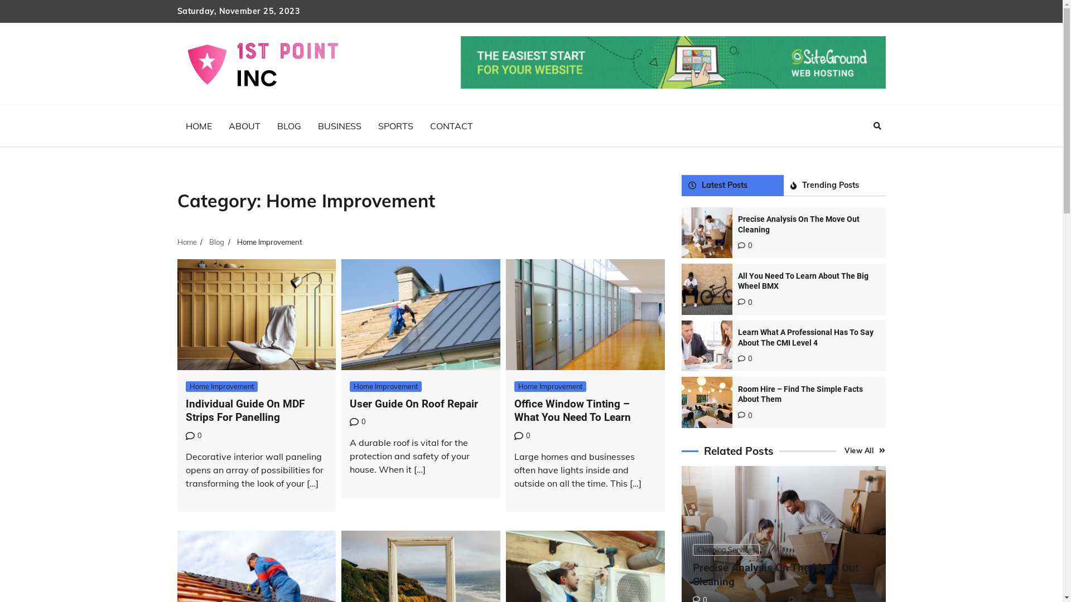 The image size is (1071, 602). Describe the element at coordinates (451, 125) in the screenshot. I see `'CONTACT'` at that location.